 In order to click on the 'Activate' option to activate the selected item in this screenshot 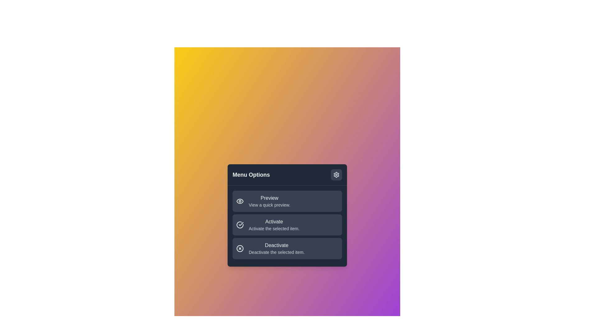, I will do `click(287, 225)`.